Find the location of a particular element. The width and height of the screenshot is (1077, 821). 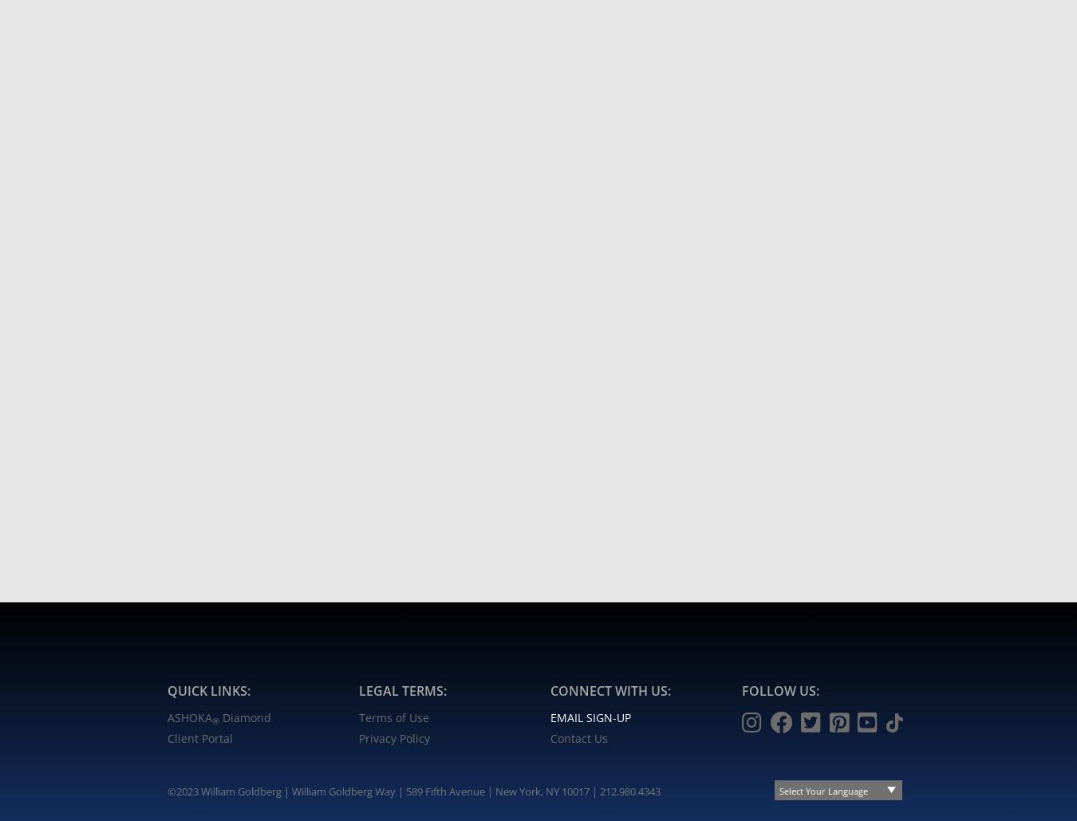

'LEGAL TERMS:' is located at coordinates (402, 689).